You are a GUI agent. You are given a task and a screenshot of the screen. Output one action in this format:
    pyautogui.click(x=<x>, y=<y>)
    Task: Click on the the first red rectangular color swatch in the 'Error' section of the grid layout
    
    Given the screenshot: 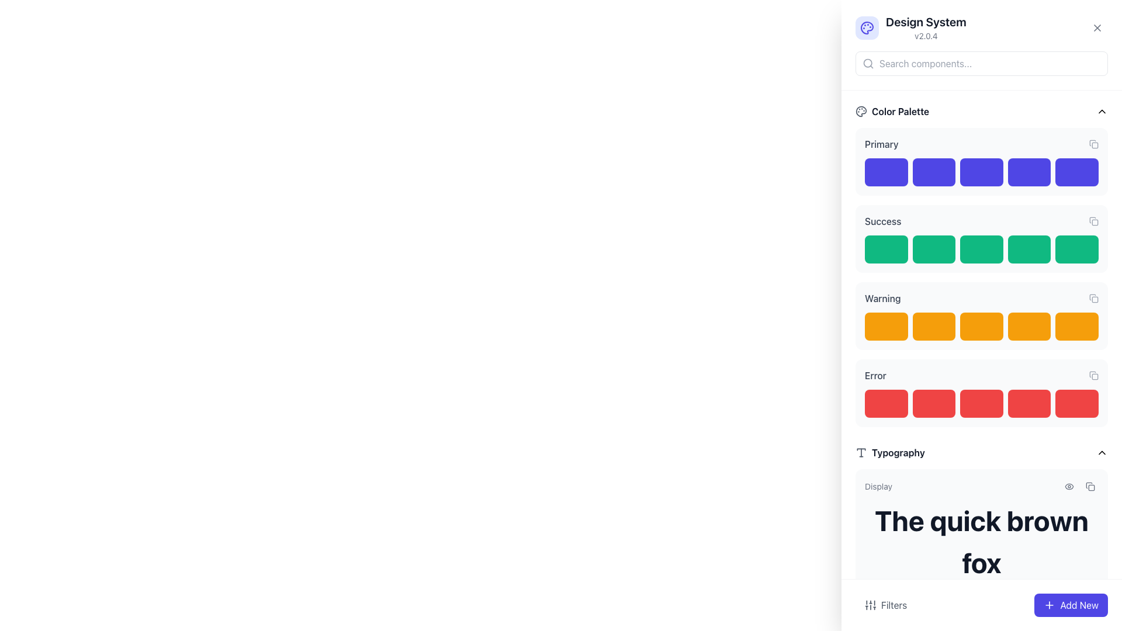 What is the action you would take?
    pyautogui.click(x=886, y=403)
    